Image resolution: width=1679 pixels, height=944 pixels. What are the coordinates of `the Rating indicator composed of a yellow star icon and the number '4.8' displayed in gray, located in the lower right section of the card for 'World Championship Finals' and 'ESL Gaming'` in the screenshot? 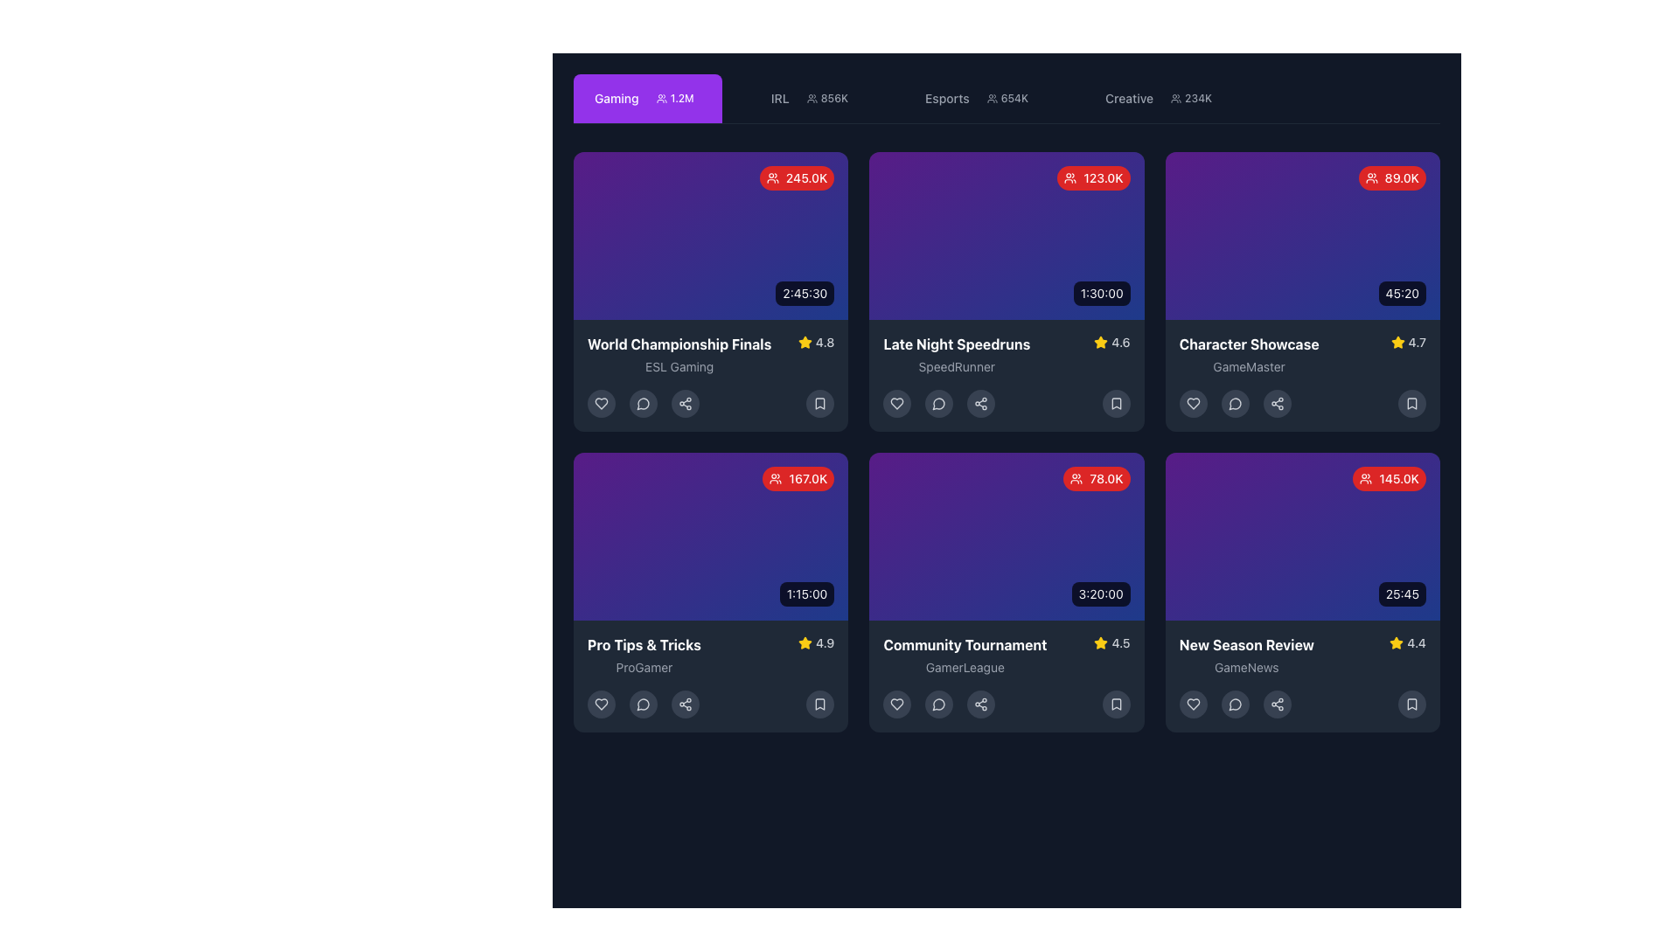 It's located at (815, 343).